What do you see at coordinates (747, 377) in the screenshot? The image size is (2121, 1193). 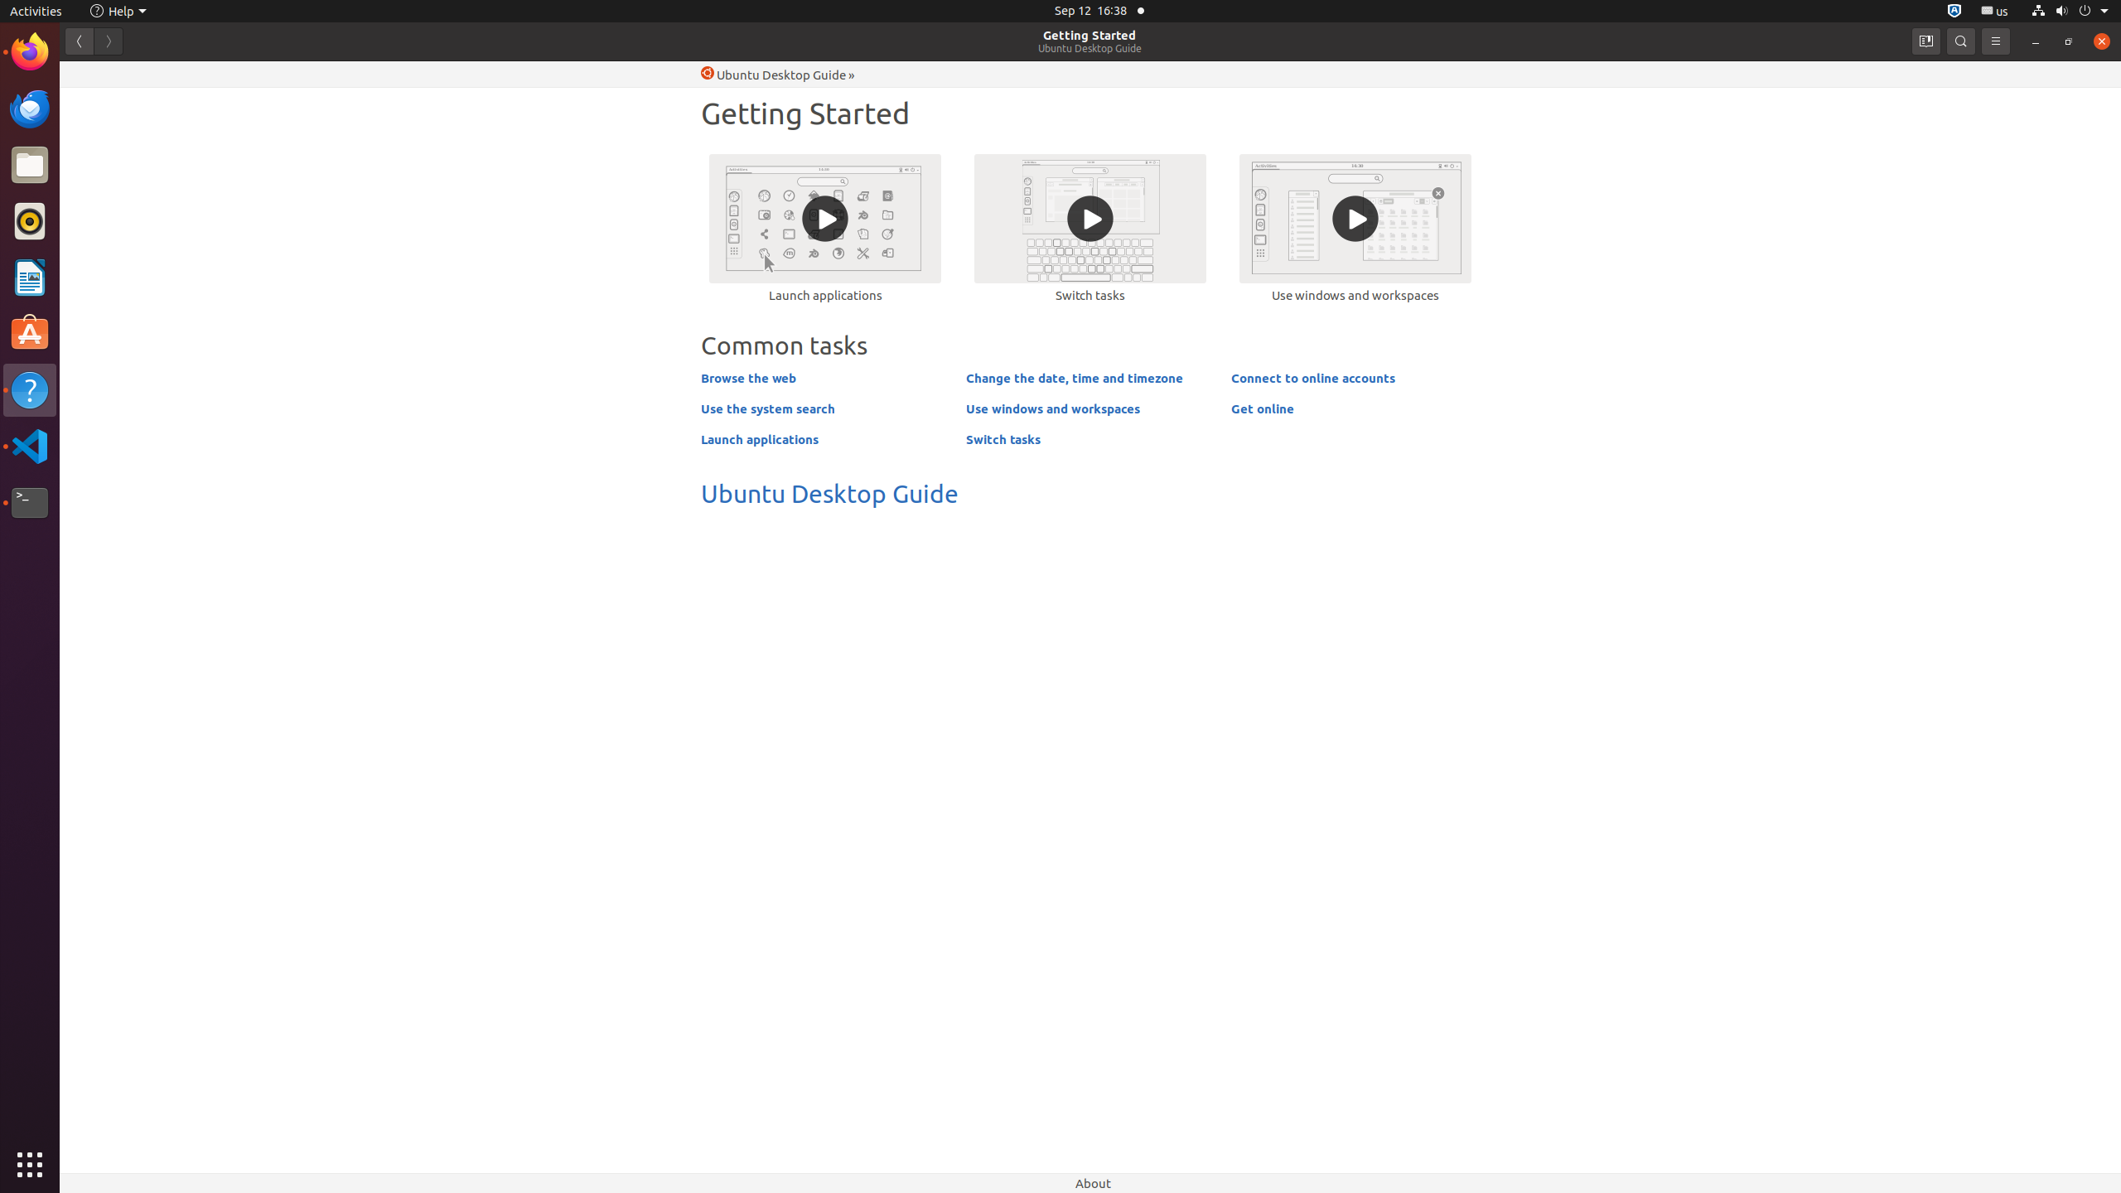 I see `'Browse the web'` at bounding box center [747, 377].